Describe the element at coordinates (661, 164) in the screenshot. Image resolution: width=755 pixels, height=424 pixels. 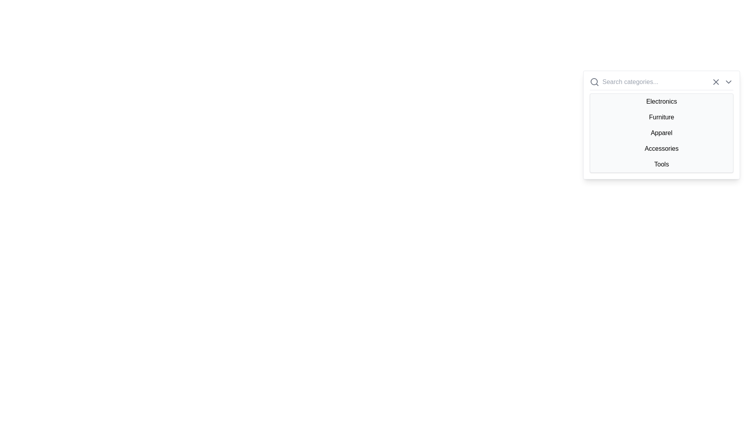
I see `the 'Tools' text label at the bottom of the dropdown menu` at that location.